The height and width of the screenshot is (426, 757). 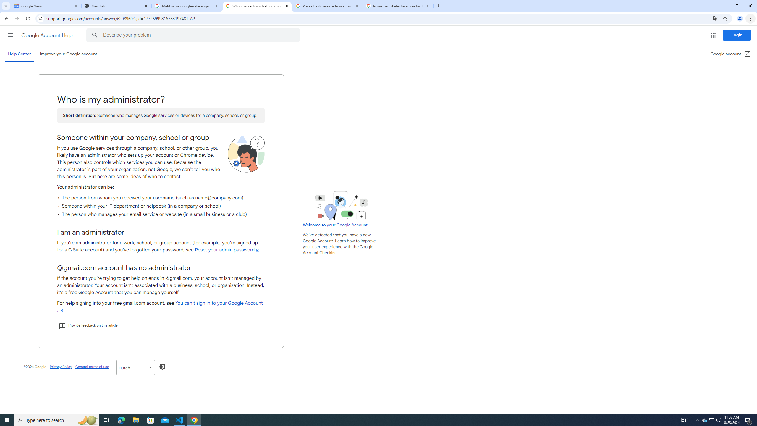 I want to click on 'Google Account (Opens in new window)', so click(x=730, y=54).